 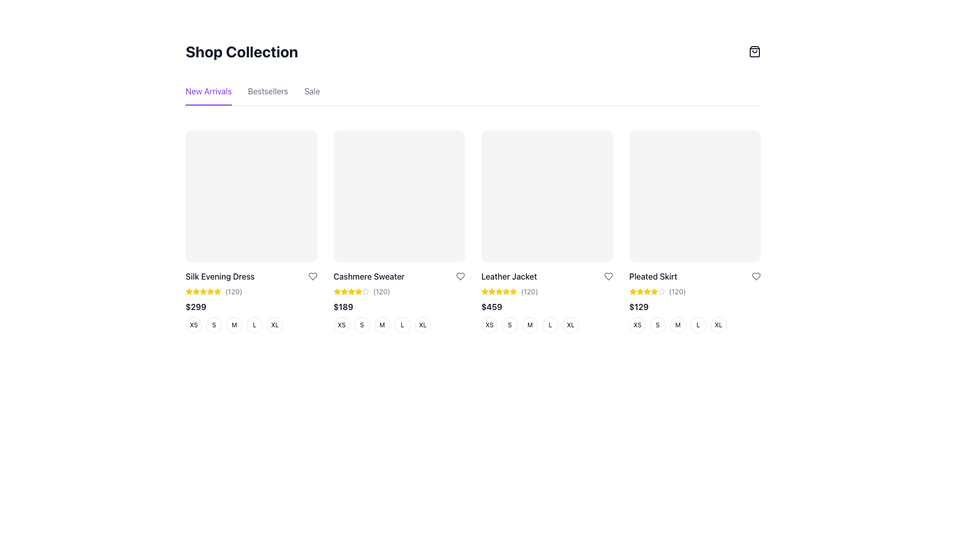 I want to click on the second star icon in the rating section below the item card for 'Silk Evening Dress' to rate it, so click(x=202, y=291).